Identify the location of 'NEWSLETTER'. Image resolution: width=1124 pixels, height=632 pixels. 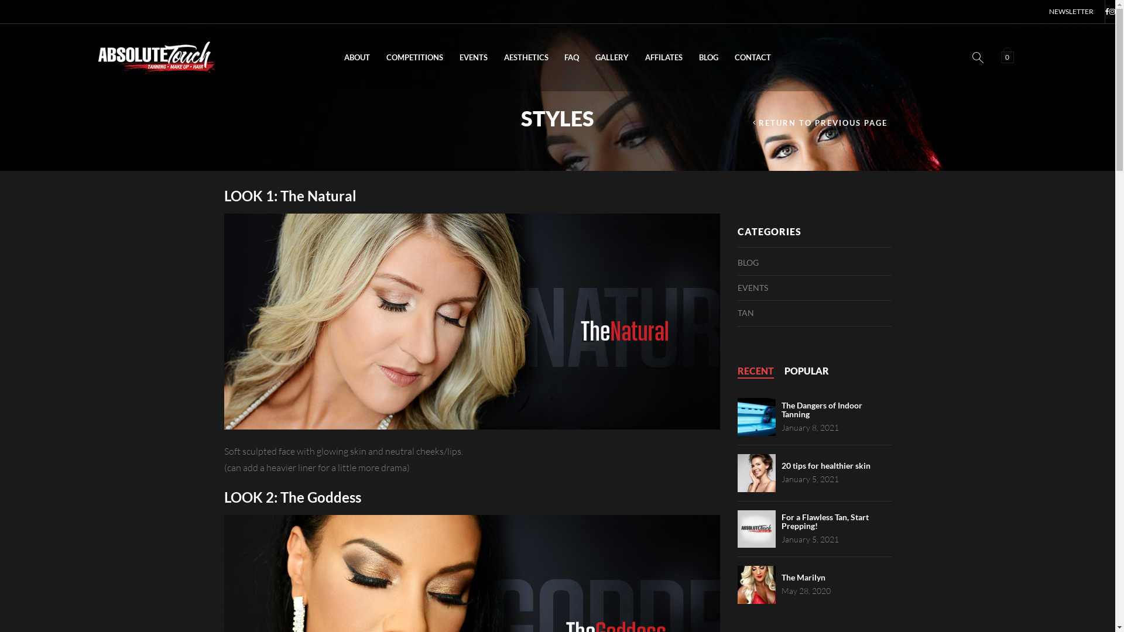
(1071, 11).